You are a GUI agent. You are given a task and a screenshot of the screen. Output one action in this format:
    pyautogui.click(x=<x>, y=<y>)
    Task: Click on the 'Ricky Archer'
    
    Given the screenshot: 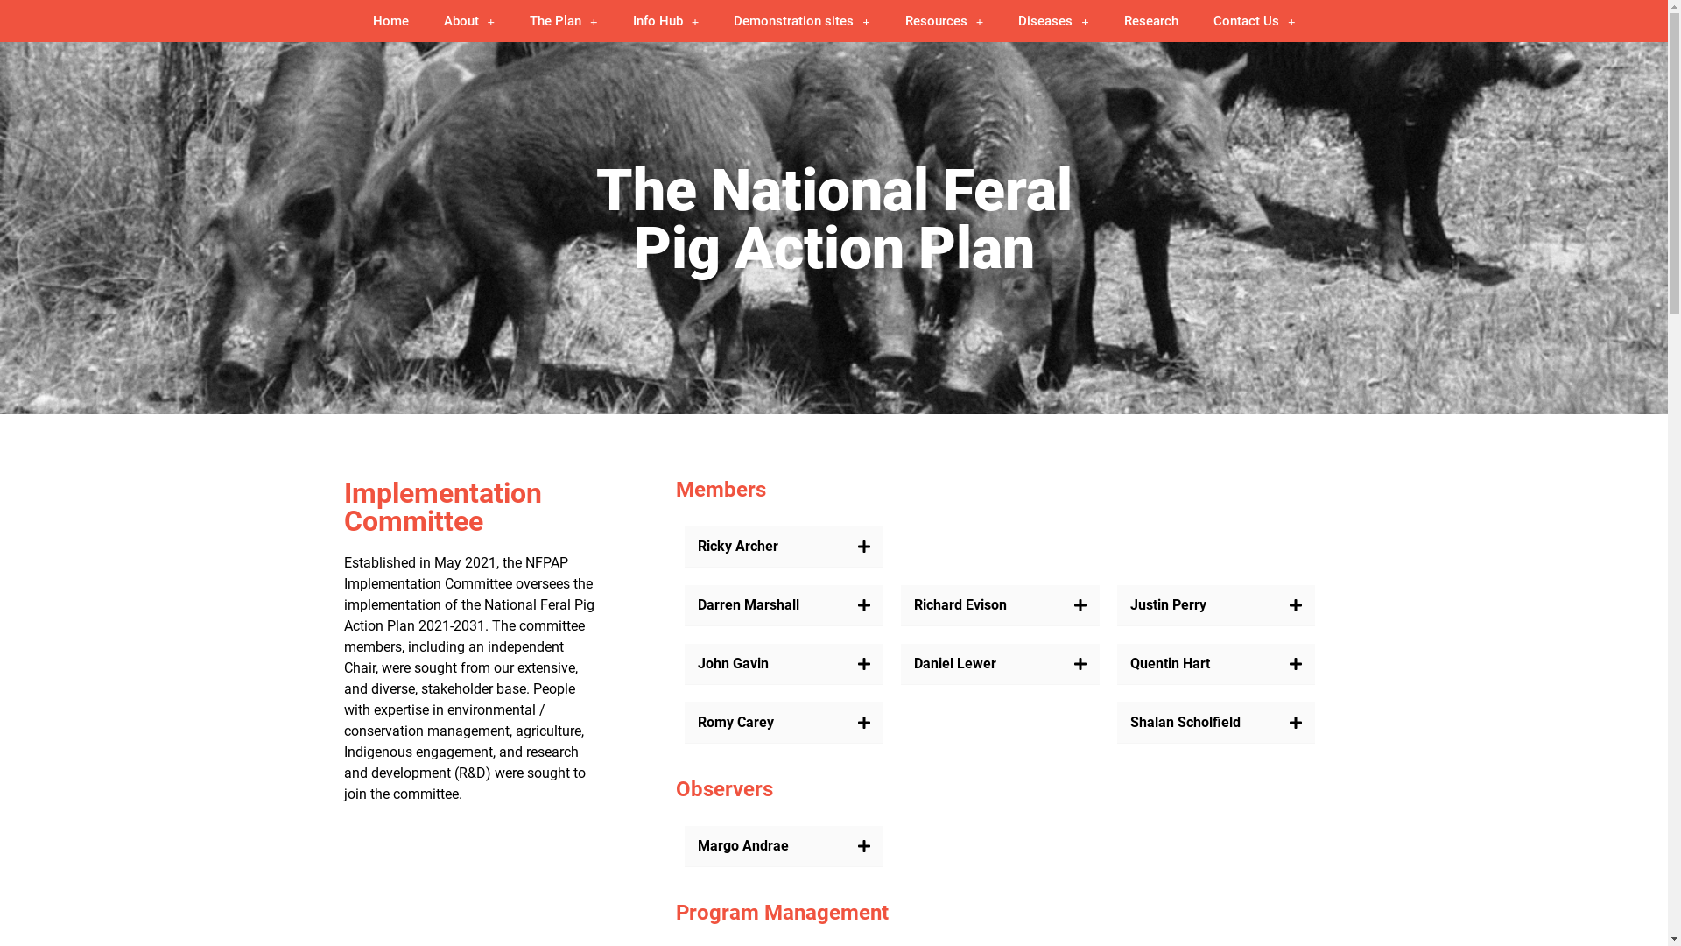 What is the action you would take?
    pyautogui.click(x=738, y=545)
    